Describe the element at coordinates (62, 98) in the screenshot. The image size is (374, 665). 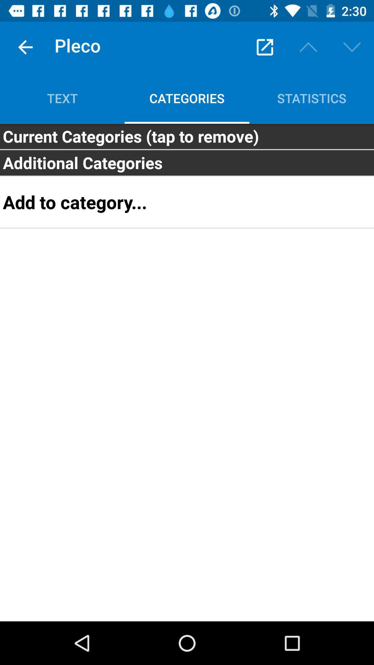
I see `item above the current categories tap icon` at that location.